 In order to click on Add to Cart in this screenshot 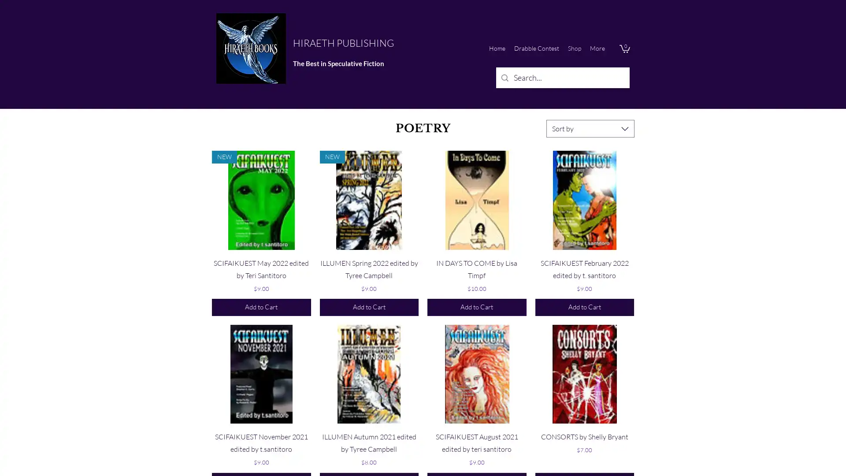, I will do `click(261, 307)`.